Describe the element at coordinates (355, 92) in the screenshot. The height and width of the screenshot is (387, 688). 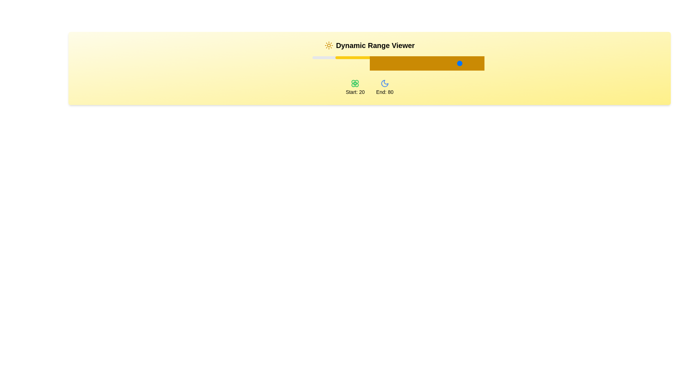
I see `the text label displaying 'Start: 20', which is styled with a light color on a yellow background and located below a flower icon` at that location.